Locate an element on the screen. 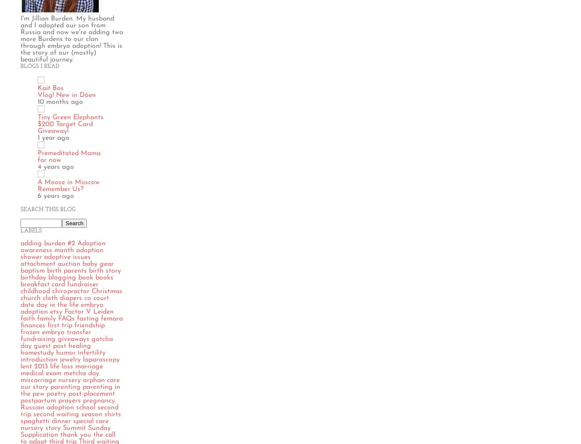 The image size is (581, 444). 'healing' is located at coordinates (80, 345).